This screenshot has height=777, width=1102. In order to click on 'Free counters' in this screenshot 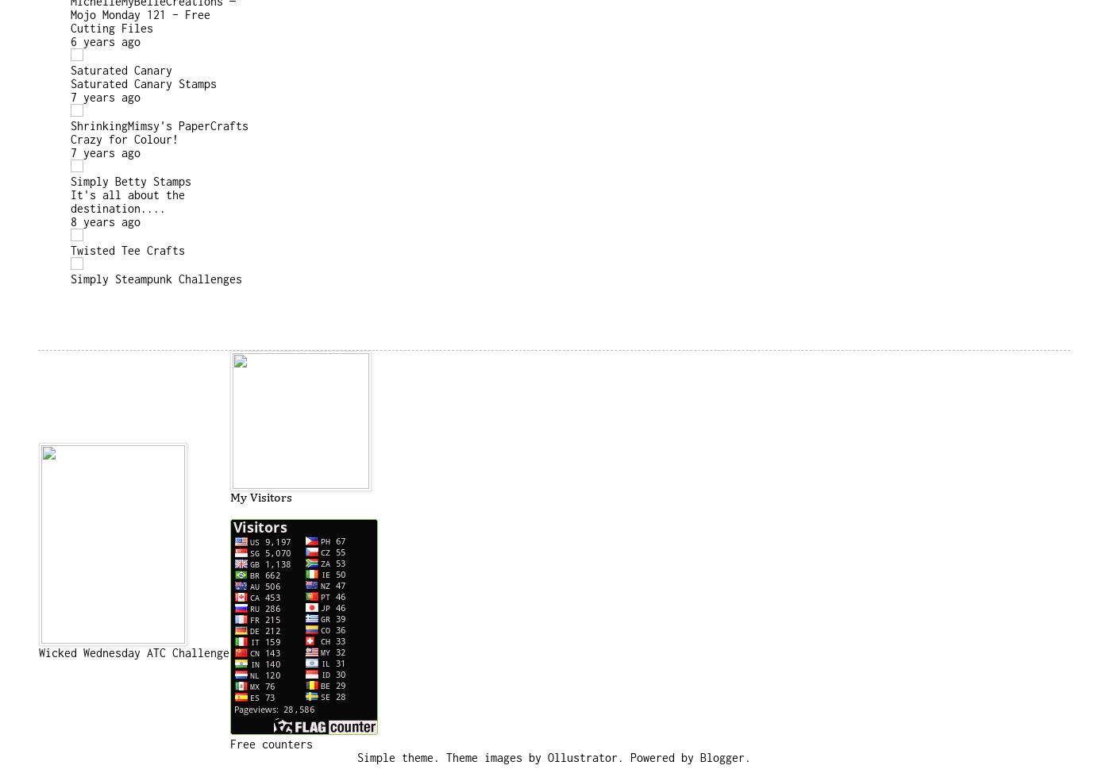, I will do `click(271, 743)`.